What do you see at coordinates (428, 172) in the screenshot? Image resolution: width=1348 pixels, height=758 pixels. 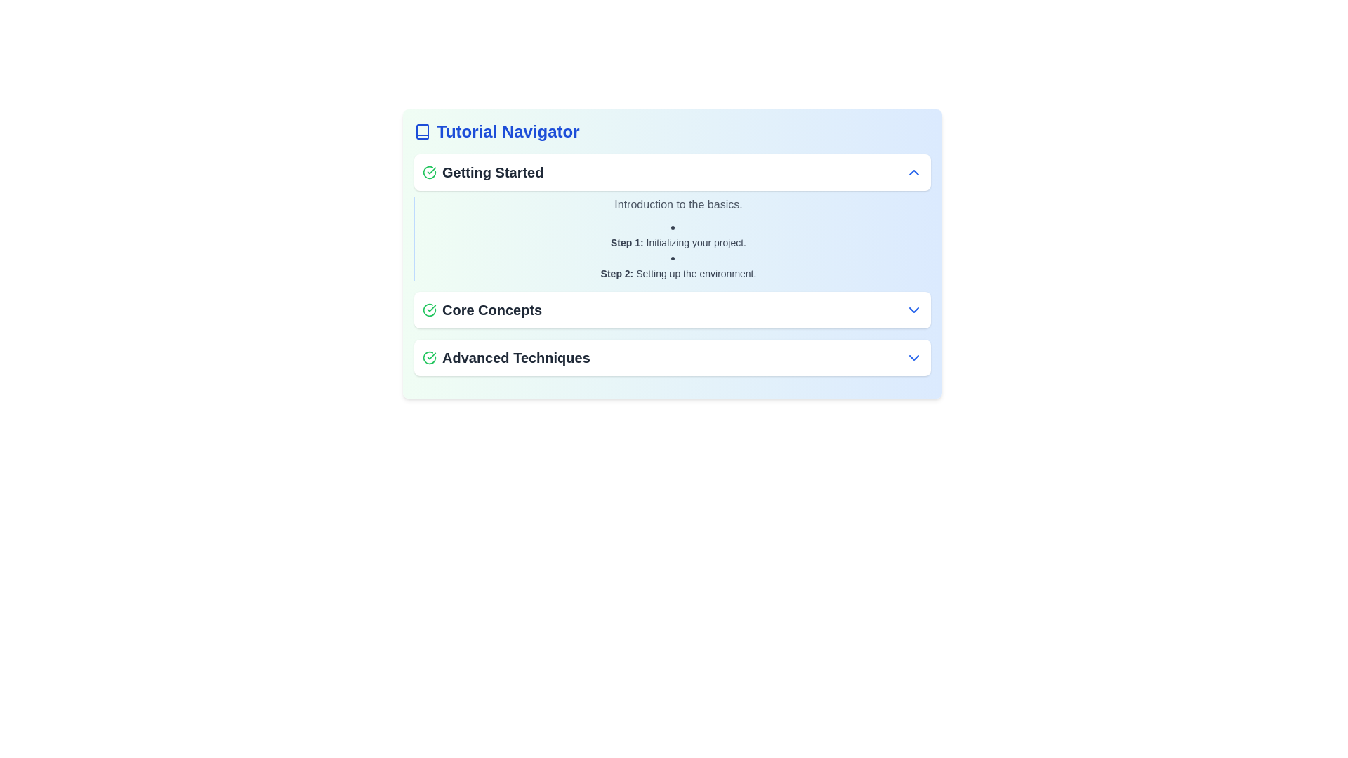 I see `the Status indicator icon that indicates the completion or progress of the 'Getting Started' section, located at the start of the text 'Getting Started'` at bounding box center [428, 172].